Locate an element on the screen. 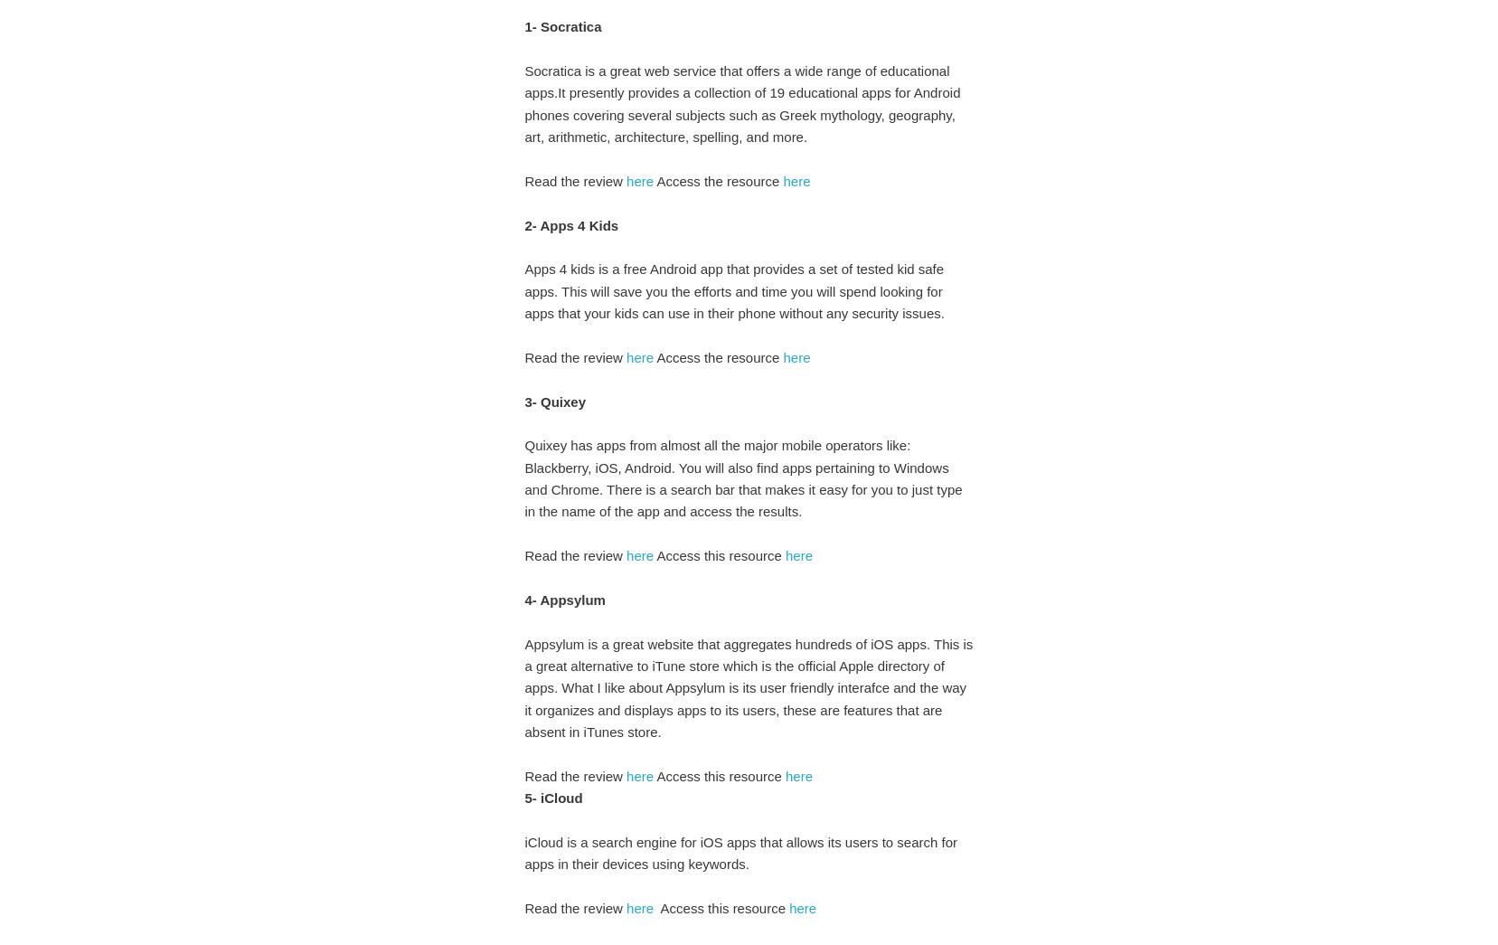  '1- Socratica' is located at coordinates (562, 25).